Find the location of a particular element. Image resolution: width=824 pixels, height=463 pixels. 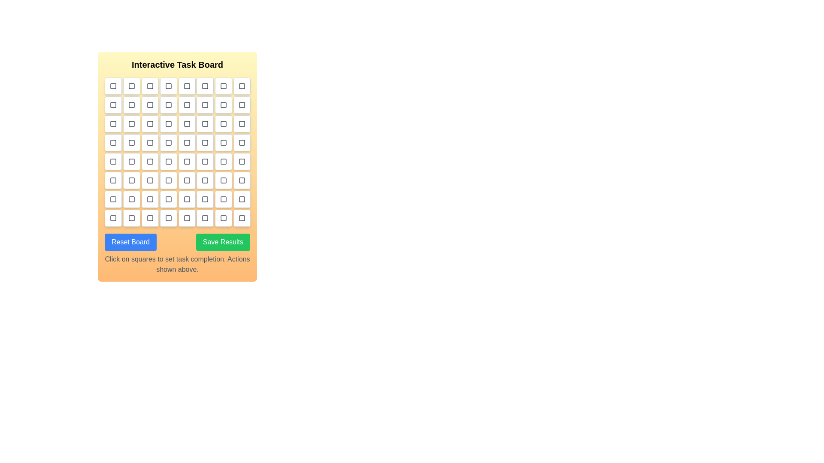

'Reset Board' button to reset the grid is located at coordinates (130, 242).